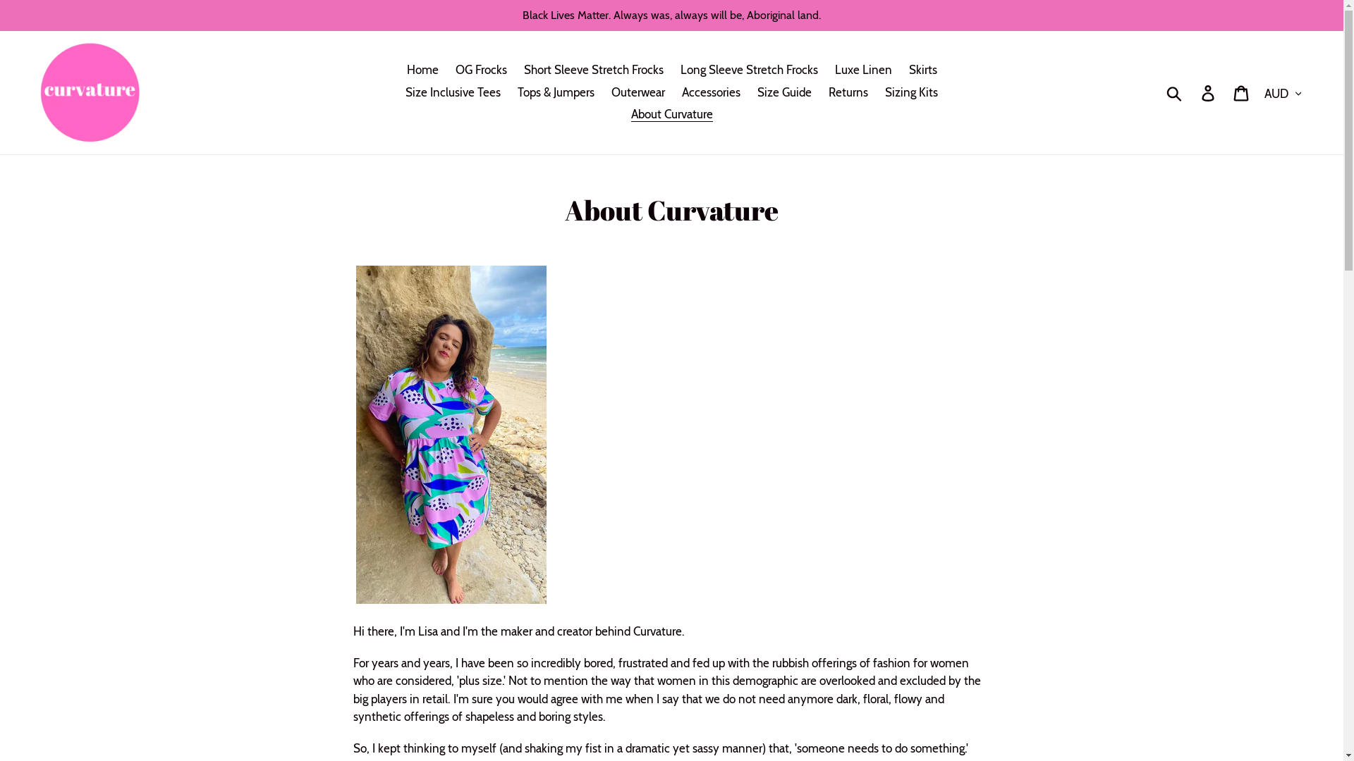  I want to click on 'About Curvature', so click(670, 113).